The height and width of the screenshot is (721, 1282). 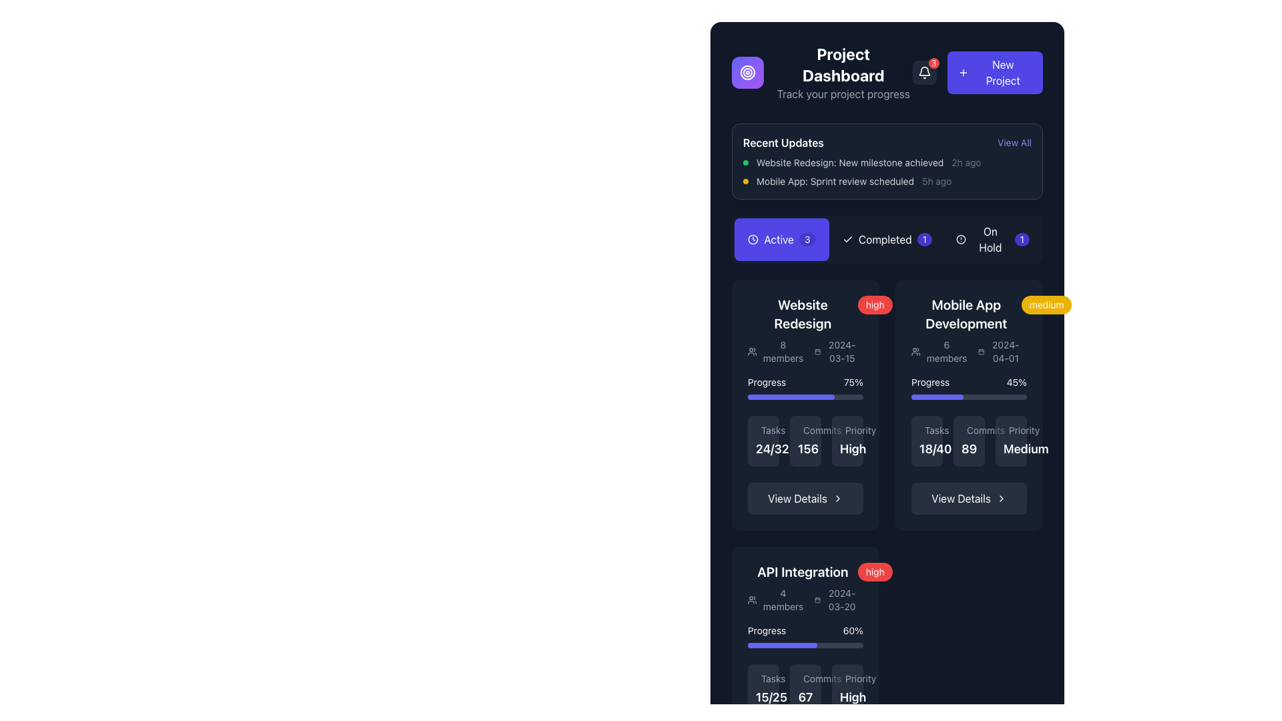 What do you see at coordinates (805, 696) in the screenshot?
I see `the Text label displaying the number of commits for the 'API Integration' project, located under the 'Commits' label in the lower-left card of the interface` at bounding box center [805, 696].